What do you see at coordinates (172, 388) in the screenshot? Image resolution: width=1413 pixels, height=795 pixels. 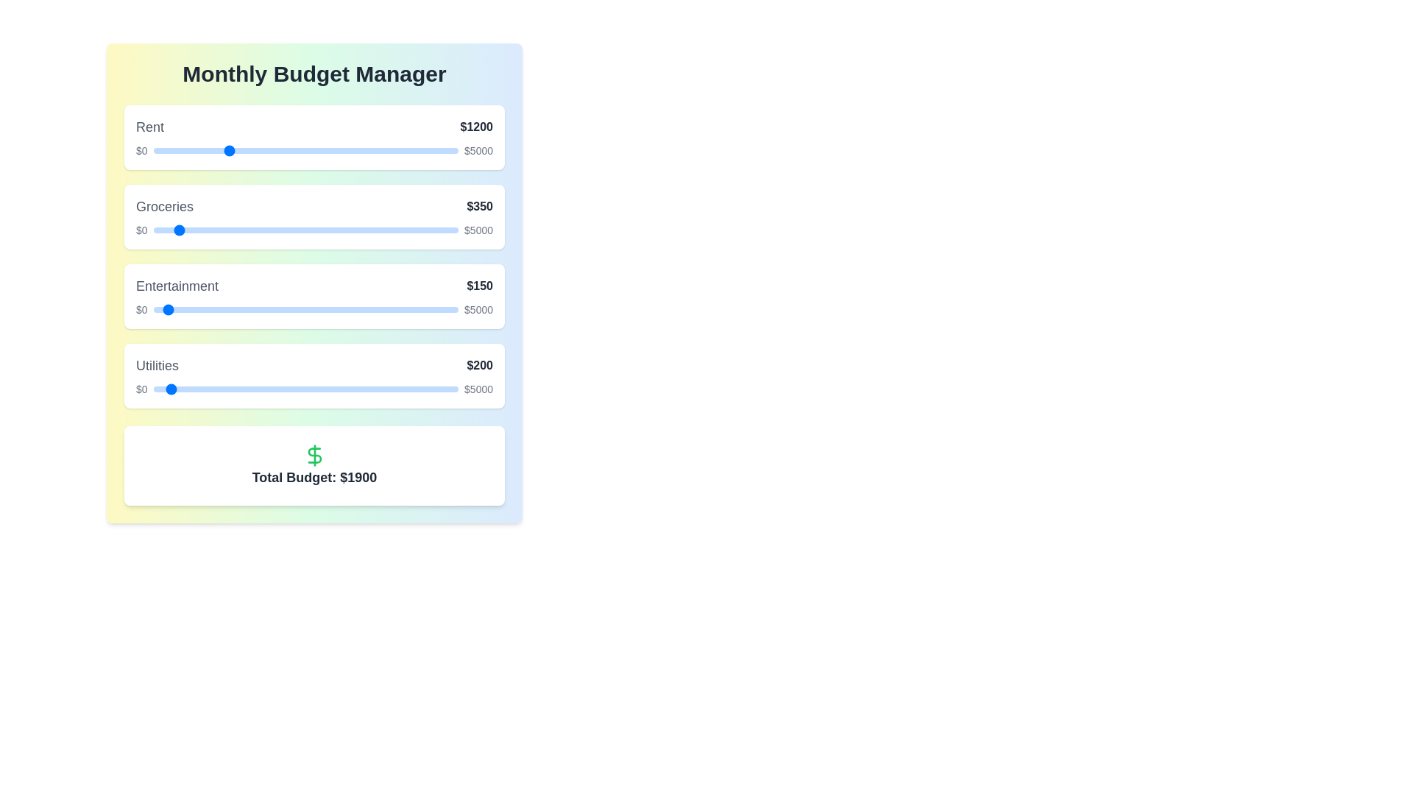 I see `the utility budget slider` at bounding box center [172, 388].